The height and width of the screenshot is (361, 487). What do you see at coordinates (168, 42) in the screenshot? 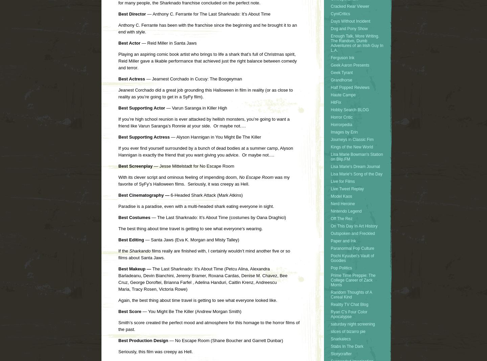
I see `'— Reid Miller in Santa Jaws'` at bounding box center [168, 42].